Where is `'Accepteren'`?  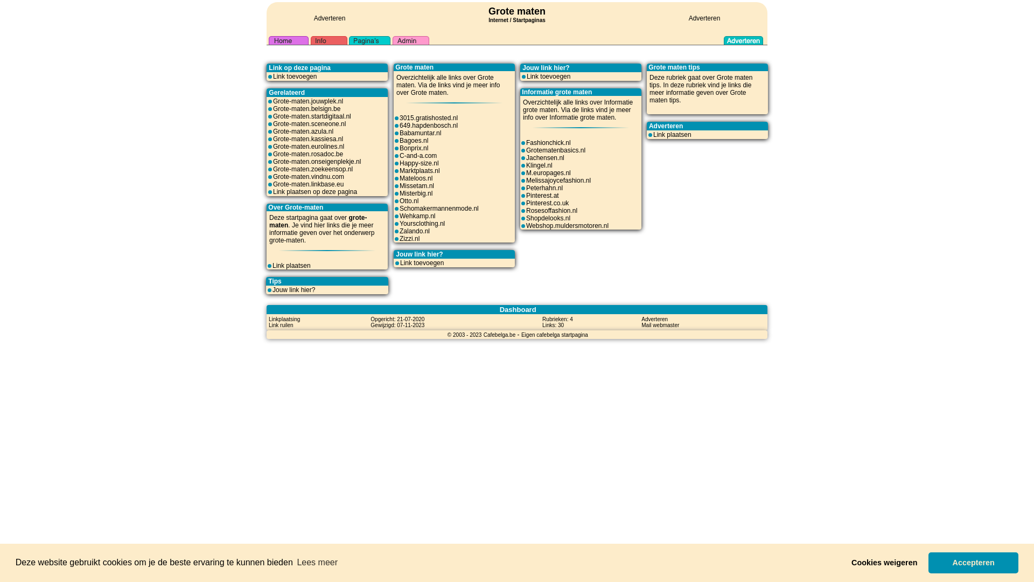
'Accepteren' is located at coordinates (973, 562).